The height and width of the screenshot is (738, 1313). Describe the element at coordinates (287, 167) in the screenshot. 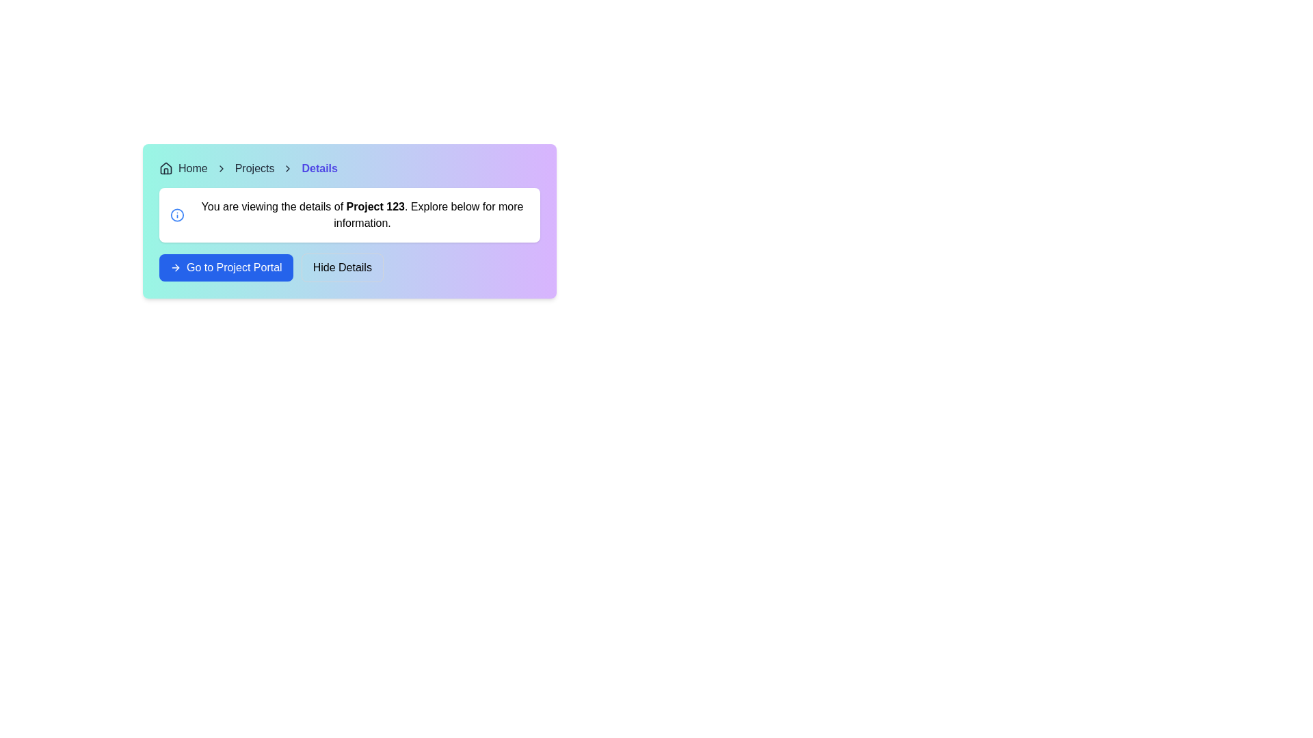

I see `the third chevron icon in the breadcrumb navigation bar, which visually indicates the relationship between the 'Projects' and 'Details' entries` at that location.